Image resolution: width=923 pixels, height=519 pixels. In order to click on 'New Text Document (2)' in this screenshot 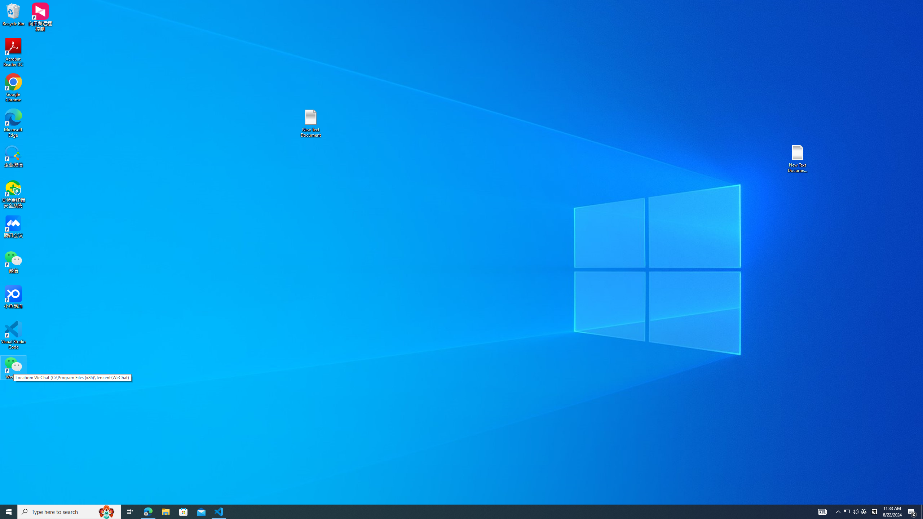, I will do `click(798, 158)`.